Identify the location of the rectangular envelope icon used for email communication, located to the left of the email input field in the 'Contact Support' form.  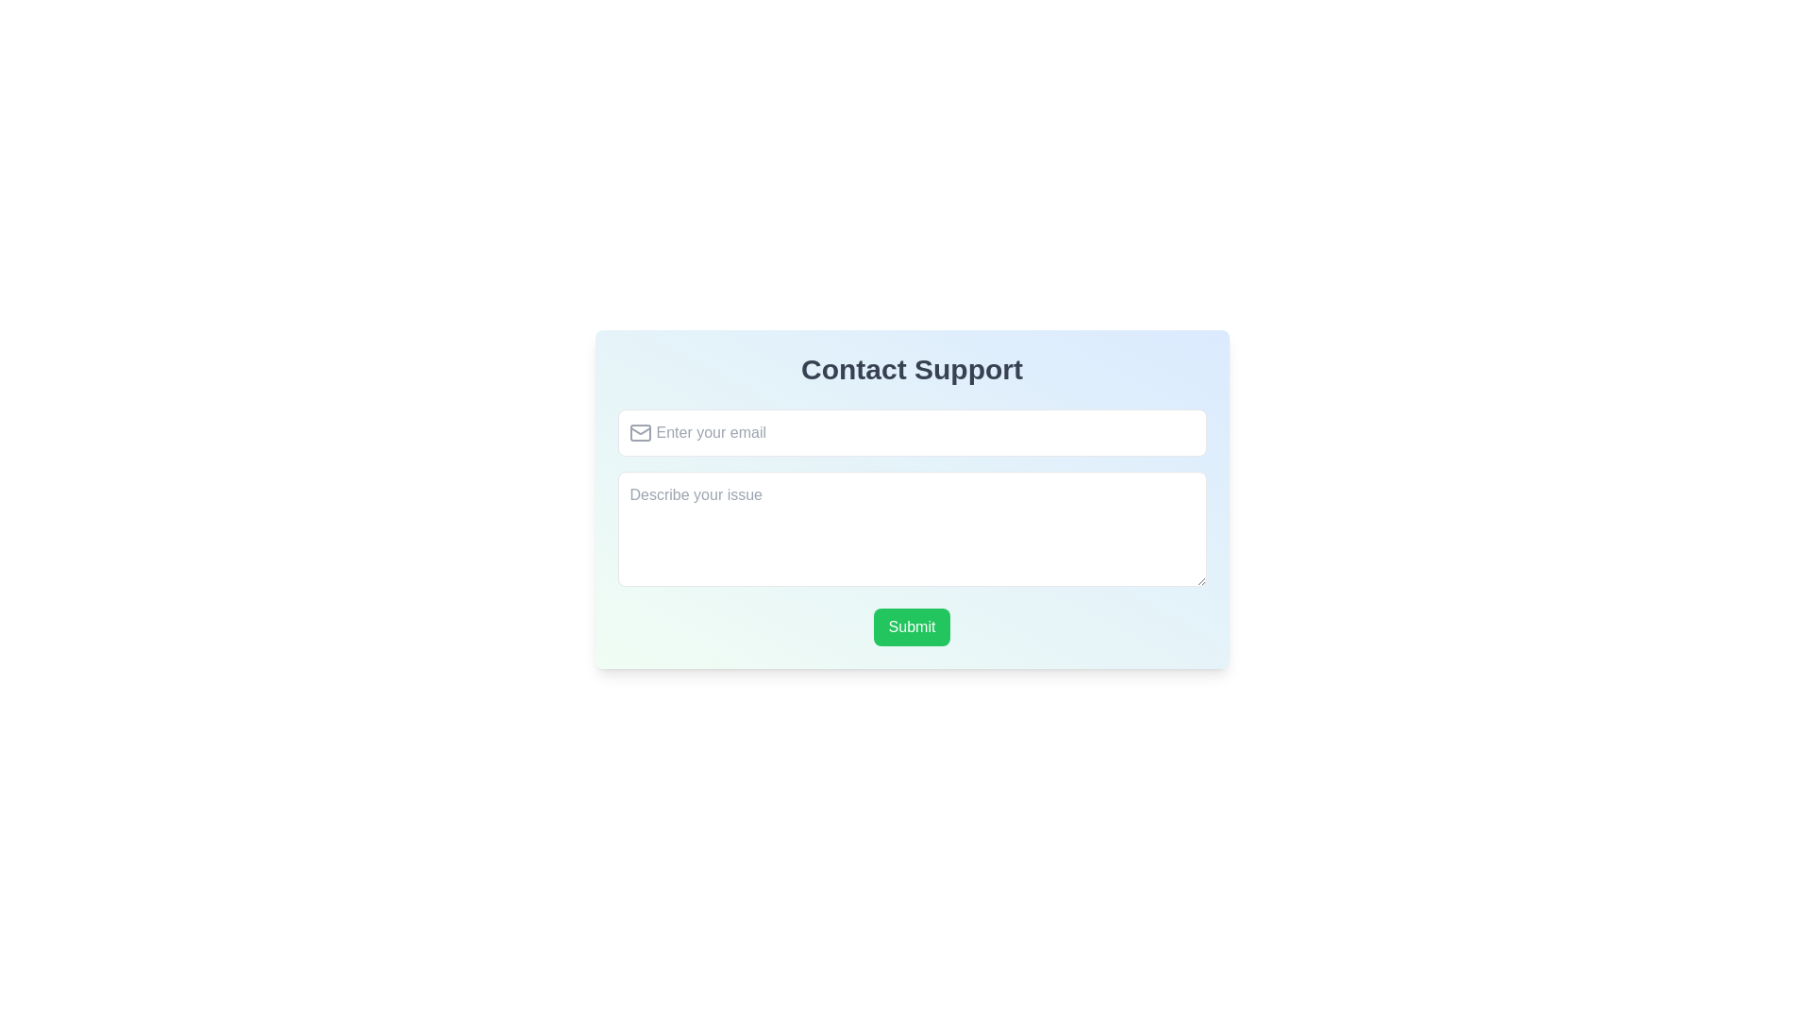
(640, 433).